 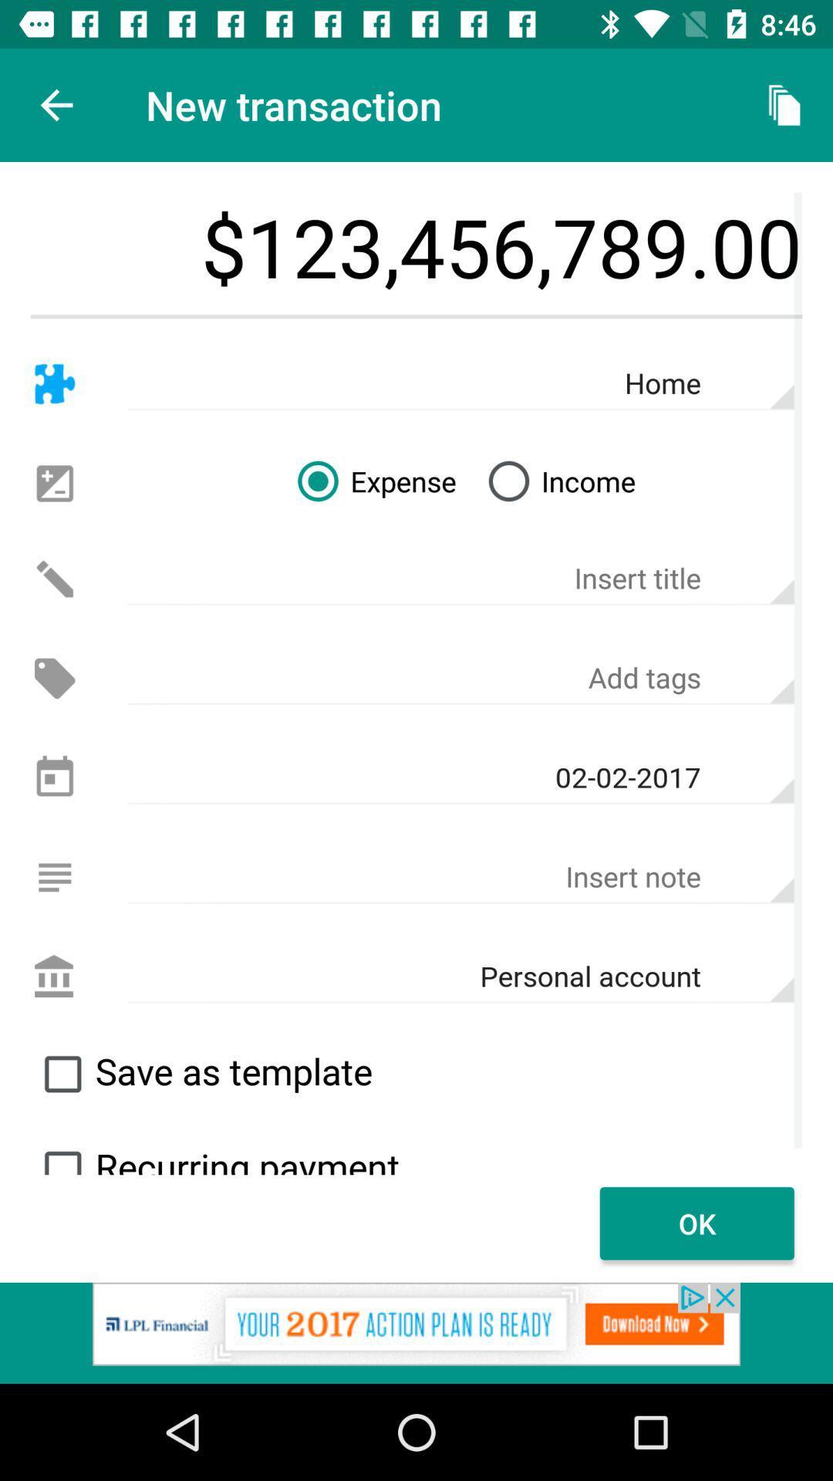 What do you see at coordinates (460, 877) in the screenshot?
I see `the insert note` at bounding box center [460, 877].